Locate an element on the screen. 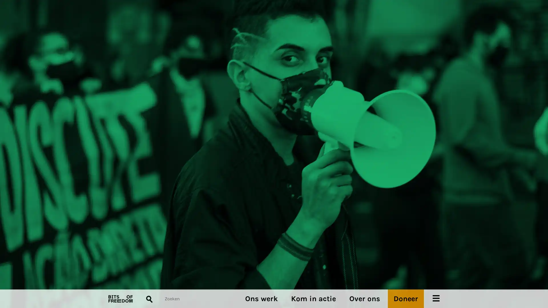 This screenshot has height=308, width=548. > is located at coordinates (285, 176).